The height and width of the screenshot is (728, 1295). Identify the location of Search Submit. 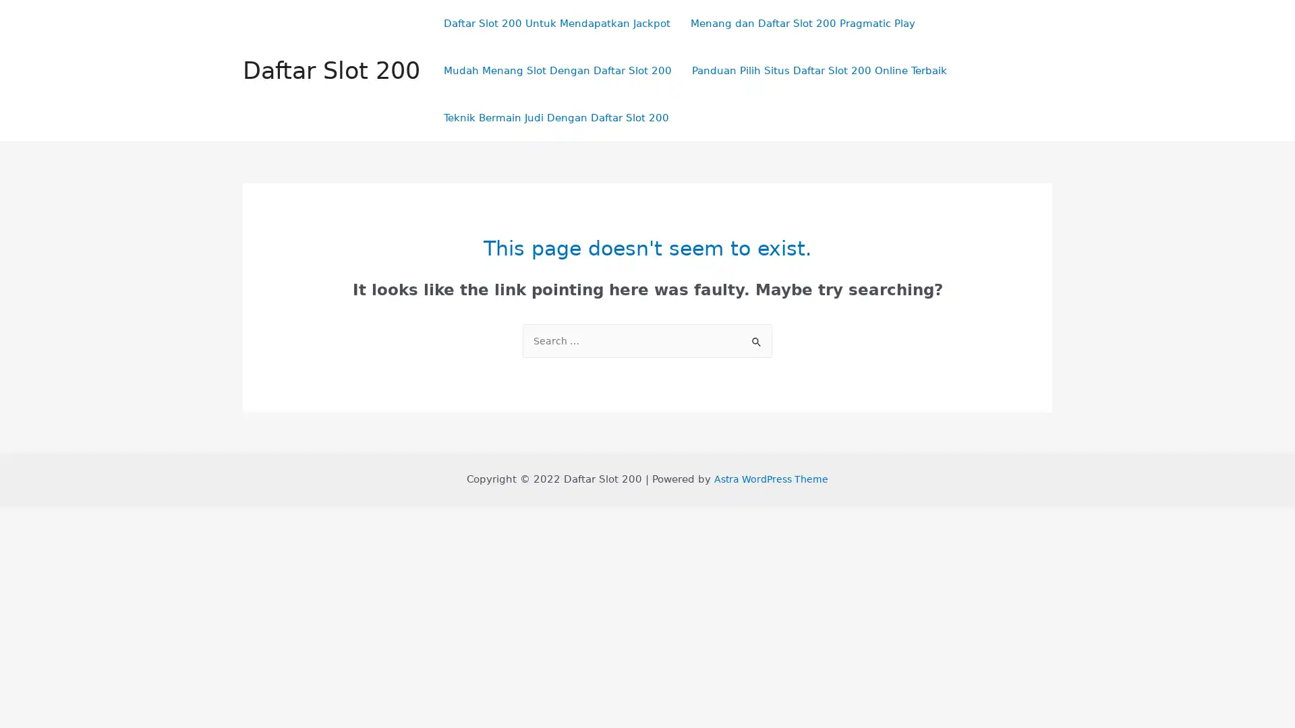
(757, 342).